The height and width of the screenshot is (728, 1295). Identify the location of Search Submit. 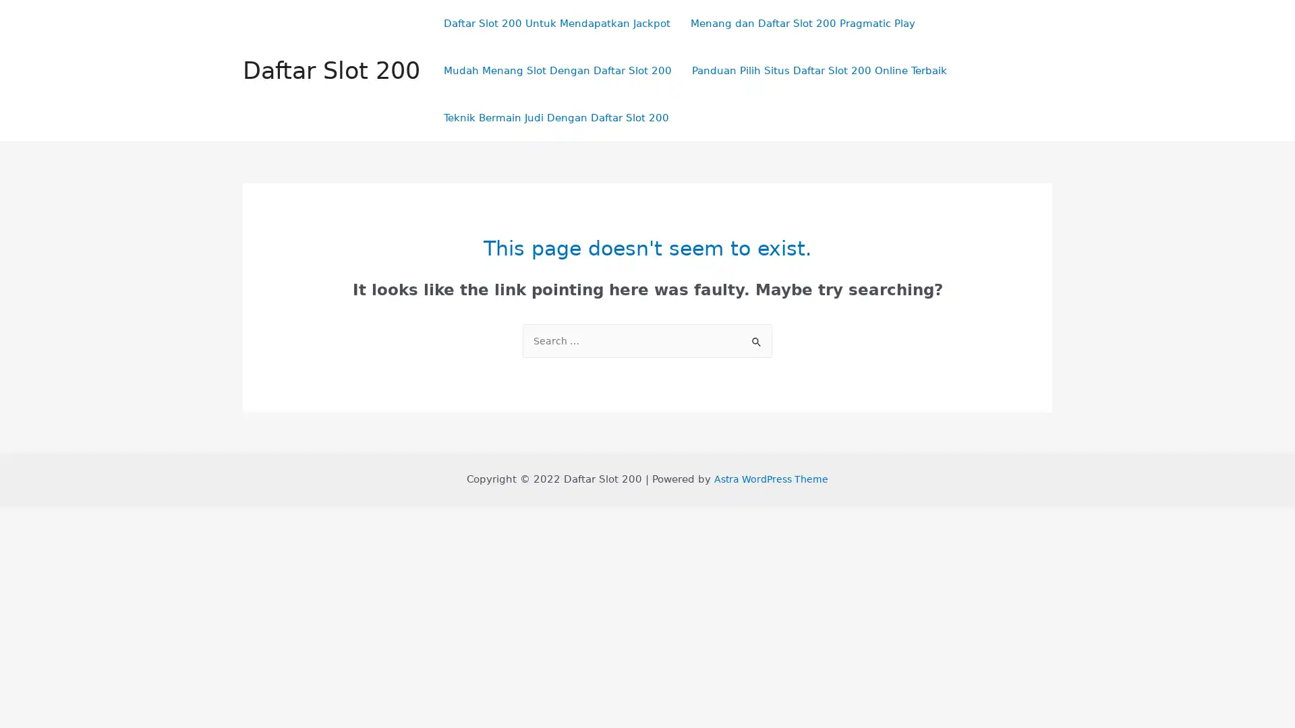
(757, 342).